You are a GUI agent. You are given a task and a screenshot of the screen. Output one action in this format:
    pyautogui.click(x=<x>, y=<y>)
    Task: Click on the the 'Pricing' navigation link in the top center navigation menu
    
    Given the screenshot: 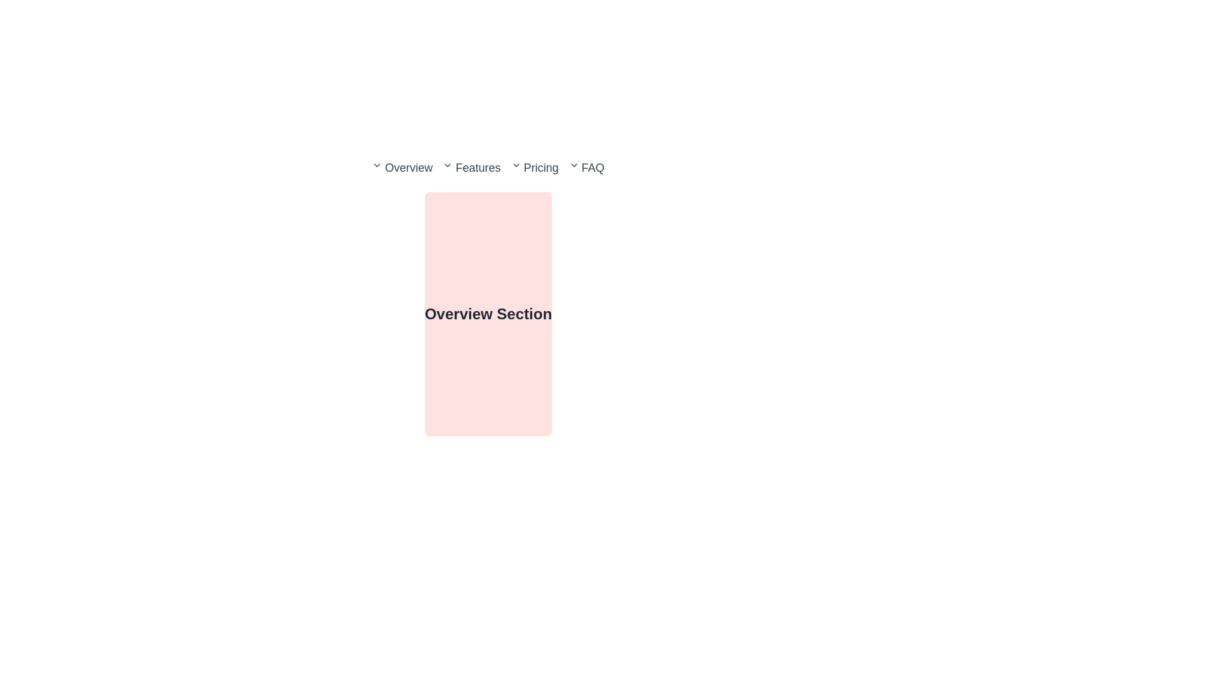 What is the action you would take?
    pyautogui.click(x=534, y=167)
    